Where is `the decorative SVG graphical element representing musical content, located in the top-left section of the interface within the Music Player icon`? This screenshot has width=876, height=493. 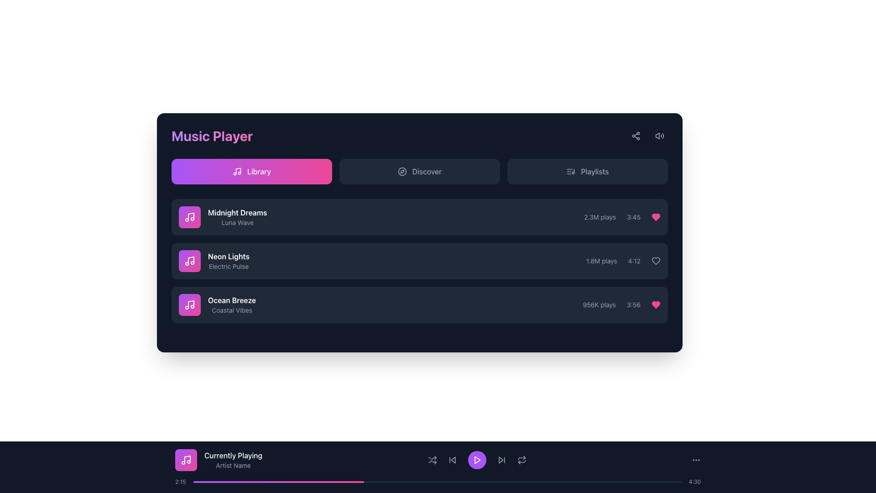 the decorative SVG graphical element representing musical content, located in the top-left section of the interface within the Music Player icon is located at coordinates (190, 304).